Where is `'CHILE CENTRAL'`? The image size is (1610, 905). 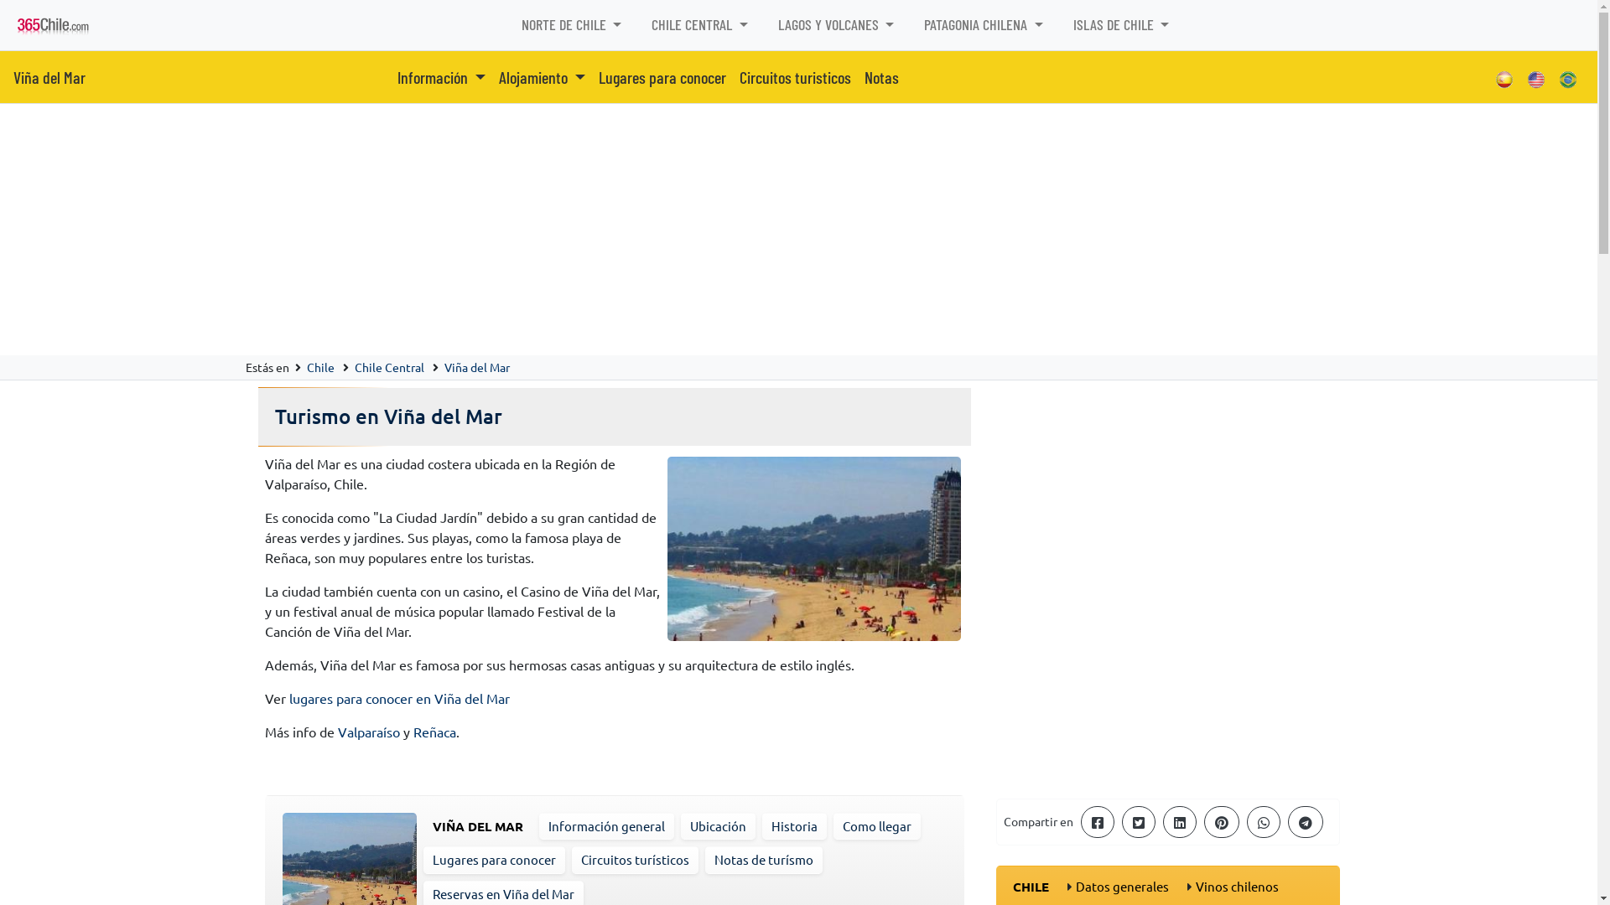 'CHILE CENTRAL' is located at coordinates (699, 24).